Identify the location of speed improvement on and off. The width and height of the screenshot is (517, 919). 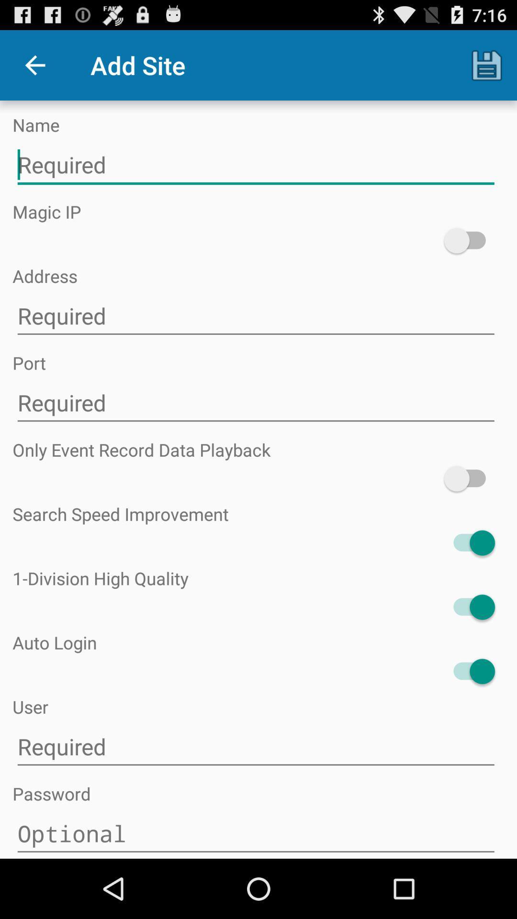
(469, 543).